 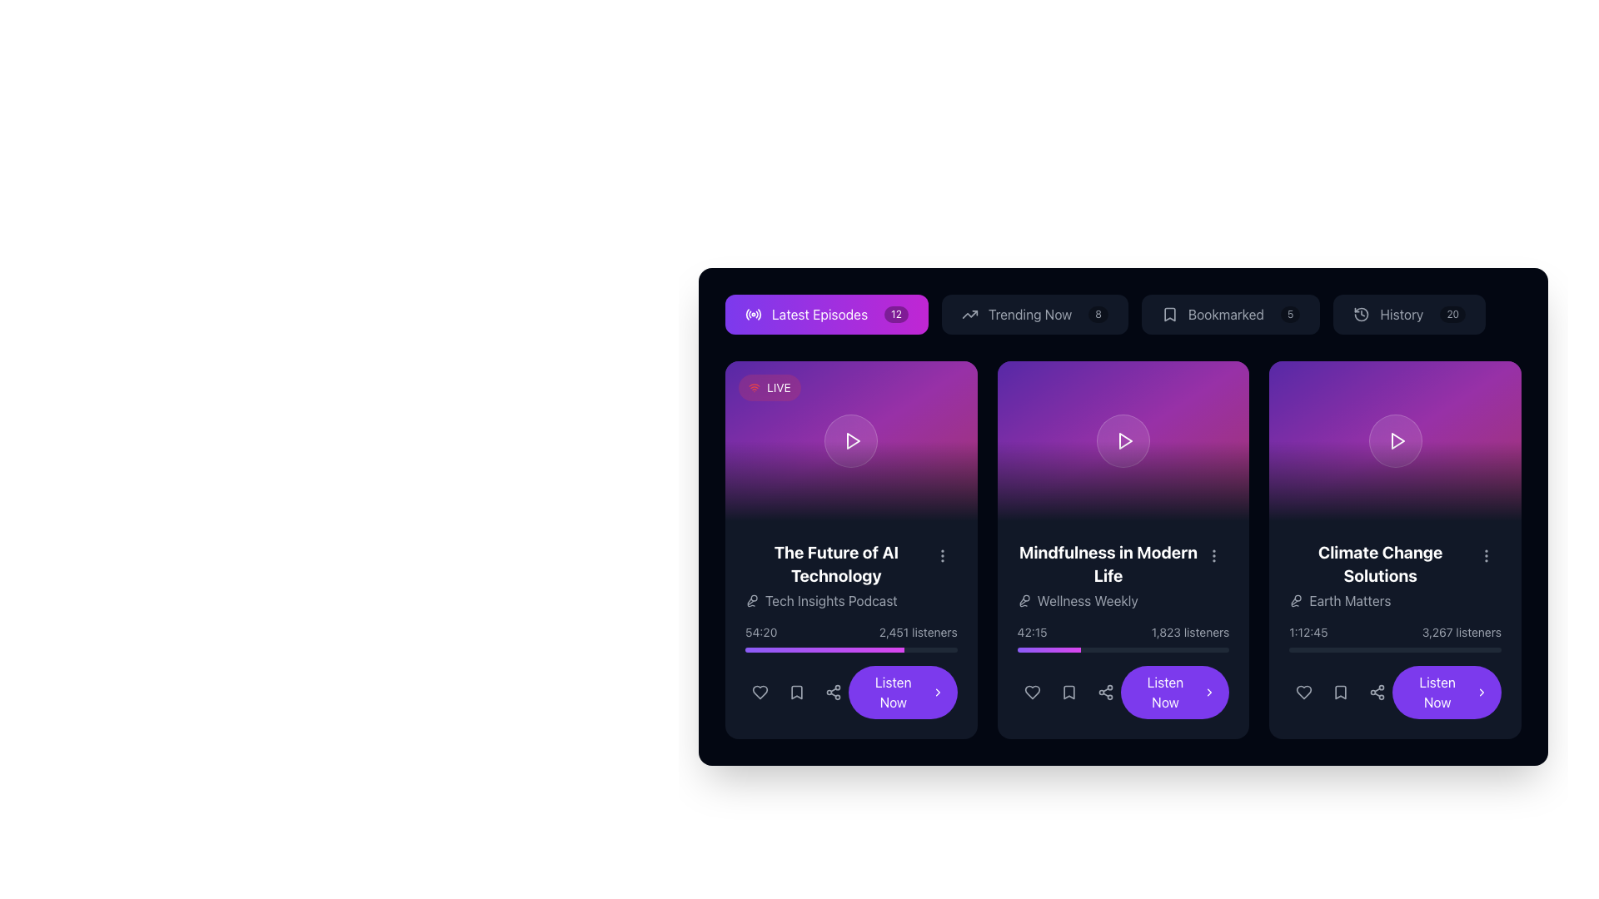 I want to click on the bookmark icon located in the bottom section of the first content card, so click(x=795, y=693).